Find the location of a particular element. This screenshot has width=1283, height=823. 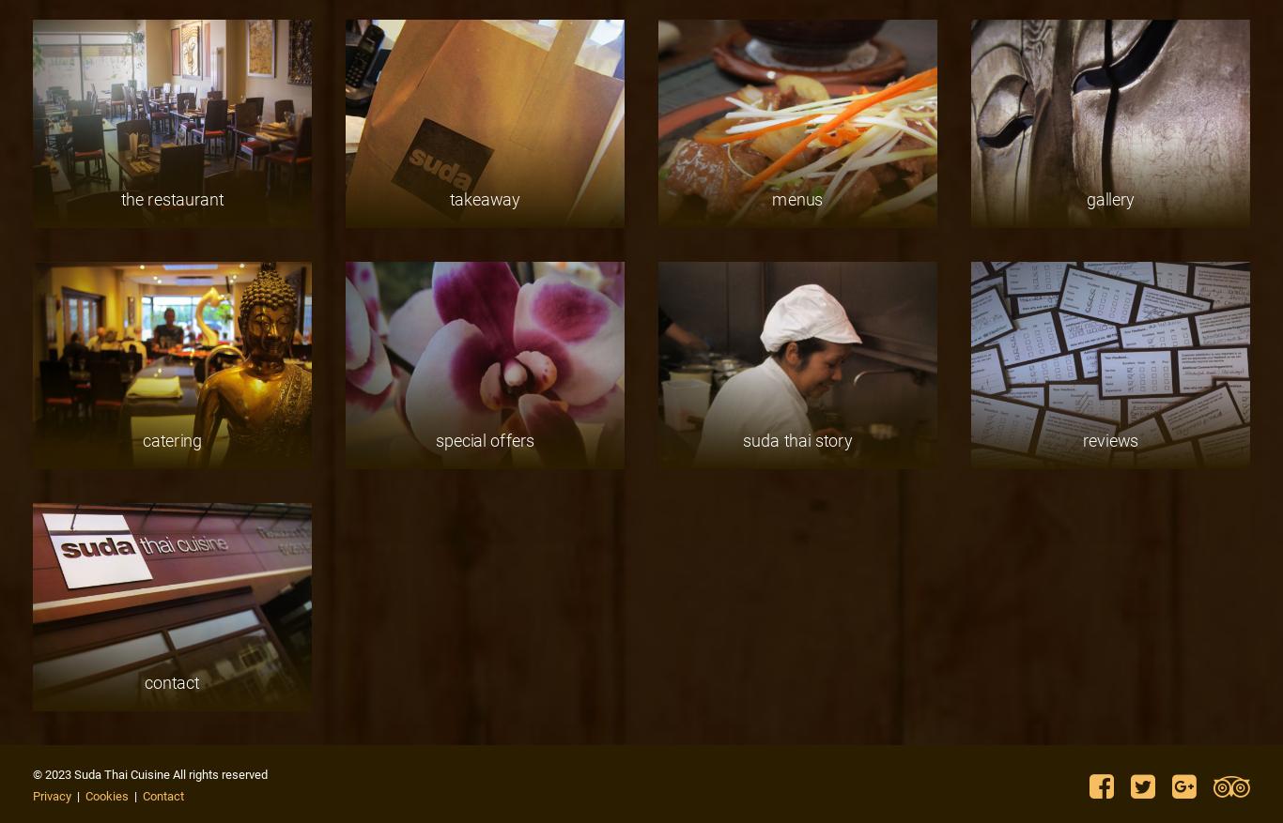

'the restaurant' is located at coordinates (171, 197).